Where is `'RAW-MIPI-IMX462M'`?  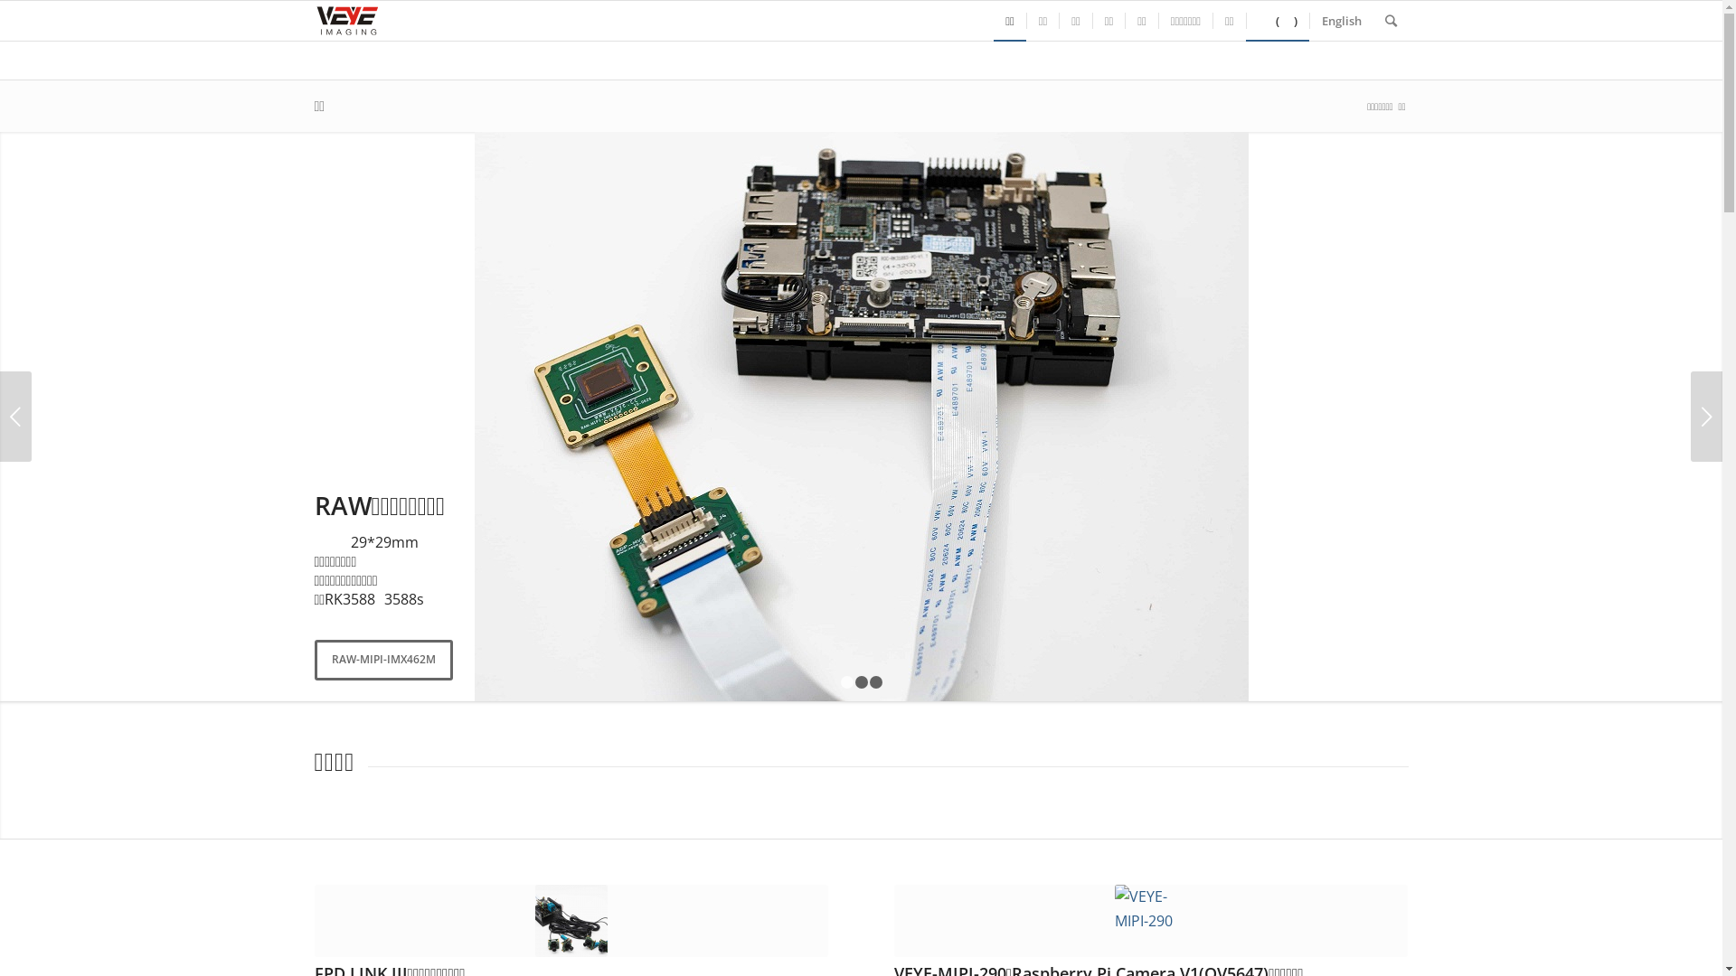 'RAW-MIPI-IMX462M' is located at coordinates (382, 659).